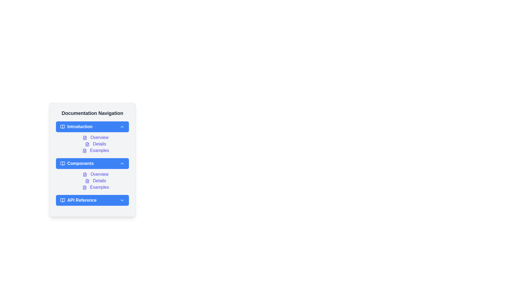  I want to click on the small document icon with a blue outline located to the left of the 'Overview' text, so click(85, 137).